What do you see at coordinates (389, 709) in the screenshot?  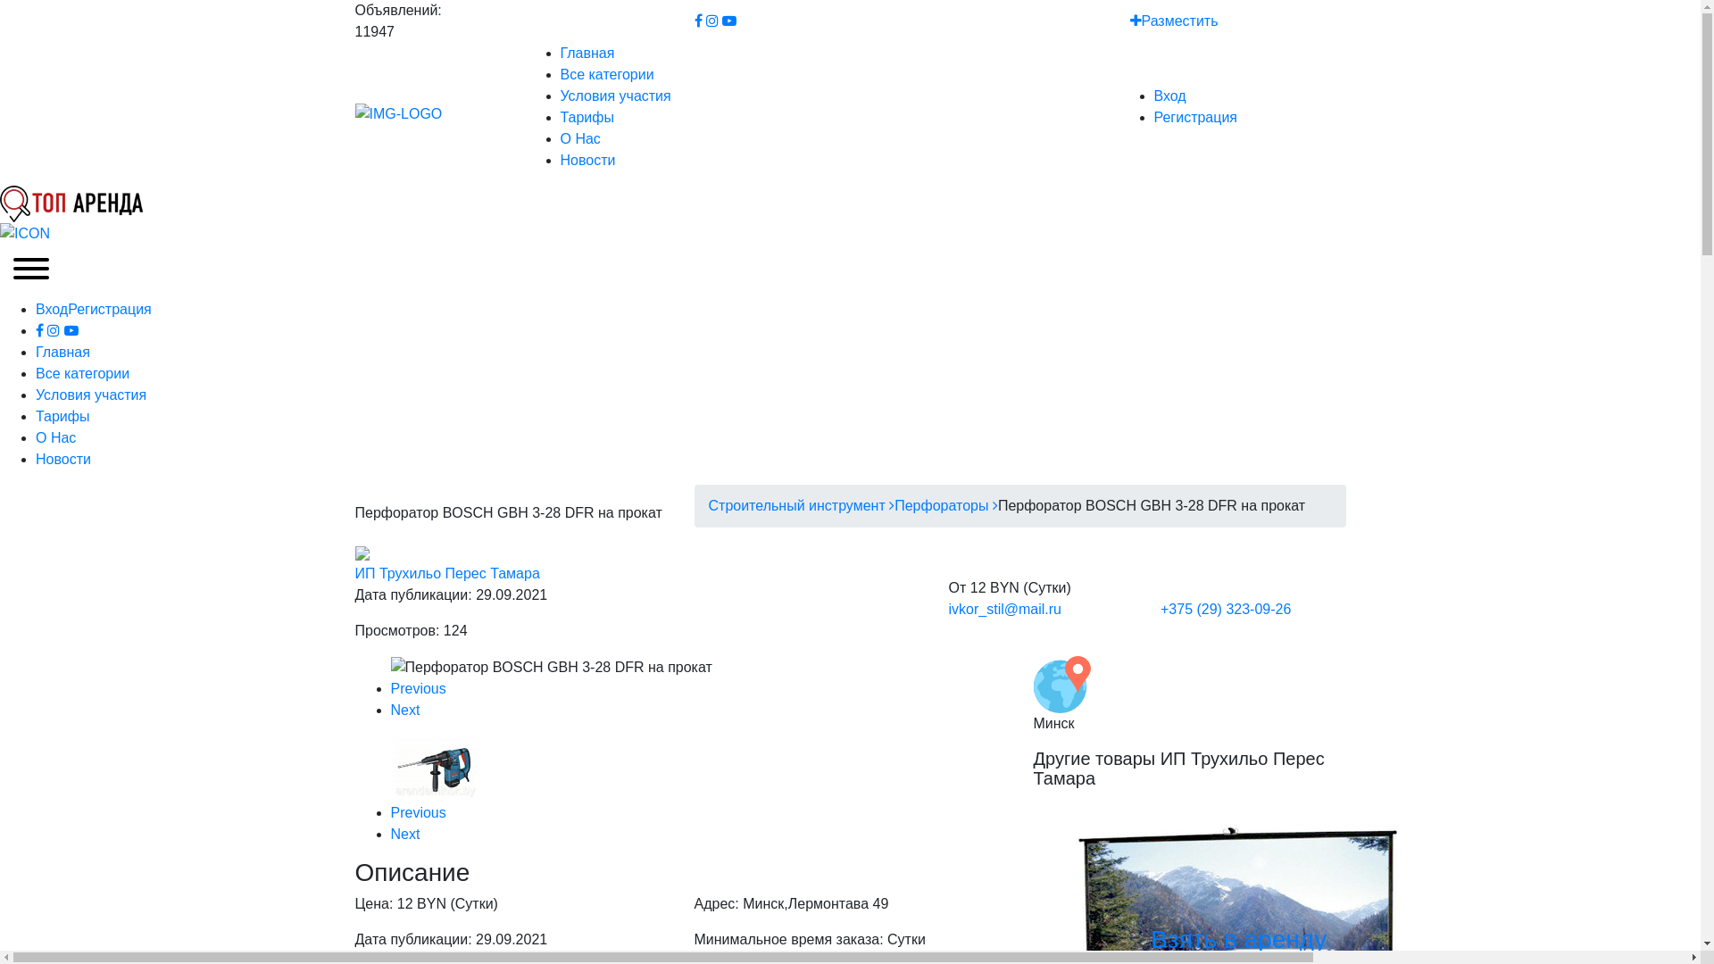 I see `'Next'` at bounding box center [389, 709].